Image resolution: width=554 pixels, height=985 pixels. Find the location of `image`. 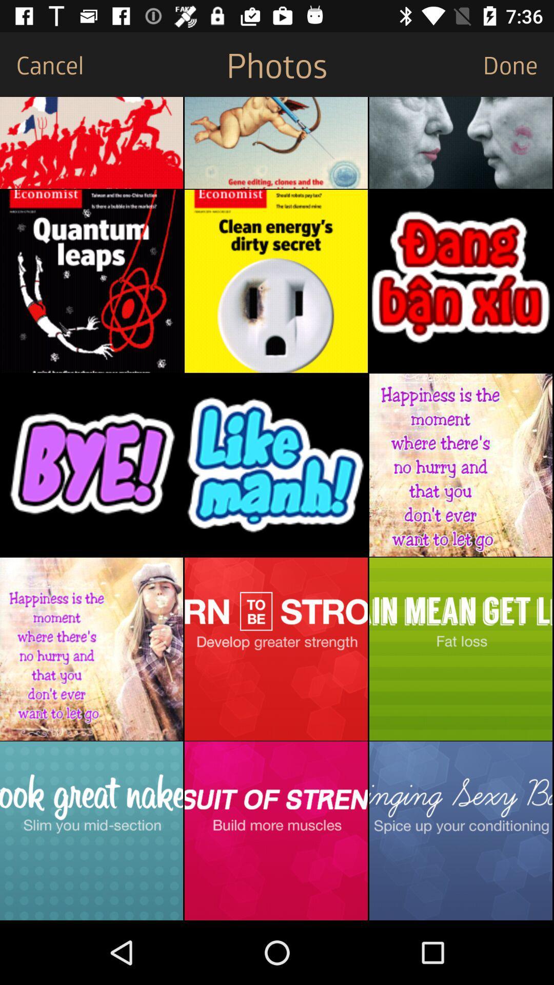

image is located at coordinates (460, 831).